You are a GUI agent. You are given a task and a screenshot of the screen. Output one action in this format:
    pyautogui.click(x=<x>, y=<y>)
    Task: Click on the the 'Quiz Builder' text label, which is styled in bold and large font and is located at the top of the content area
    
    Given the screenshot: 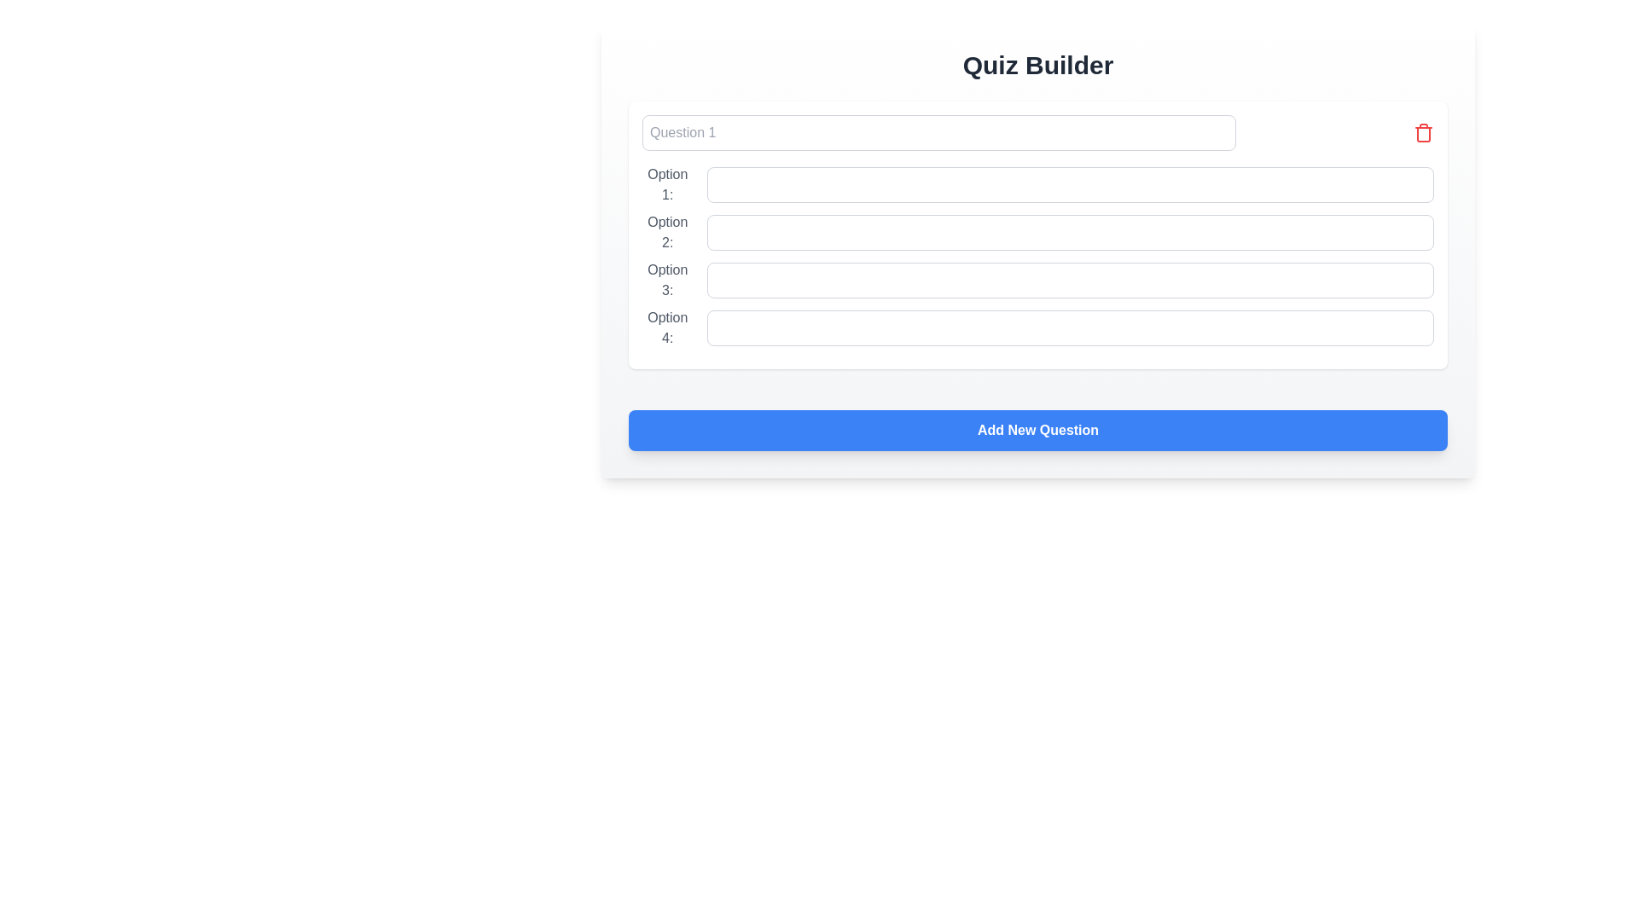 What is the action you would take?
    pyautogui.click(x=1037, y=65)
    